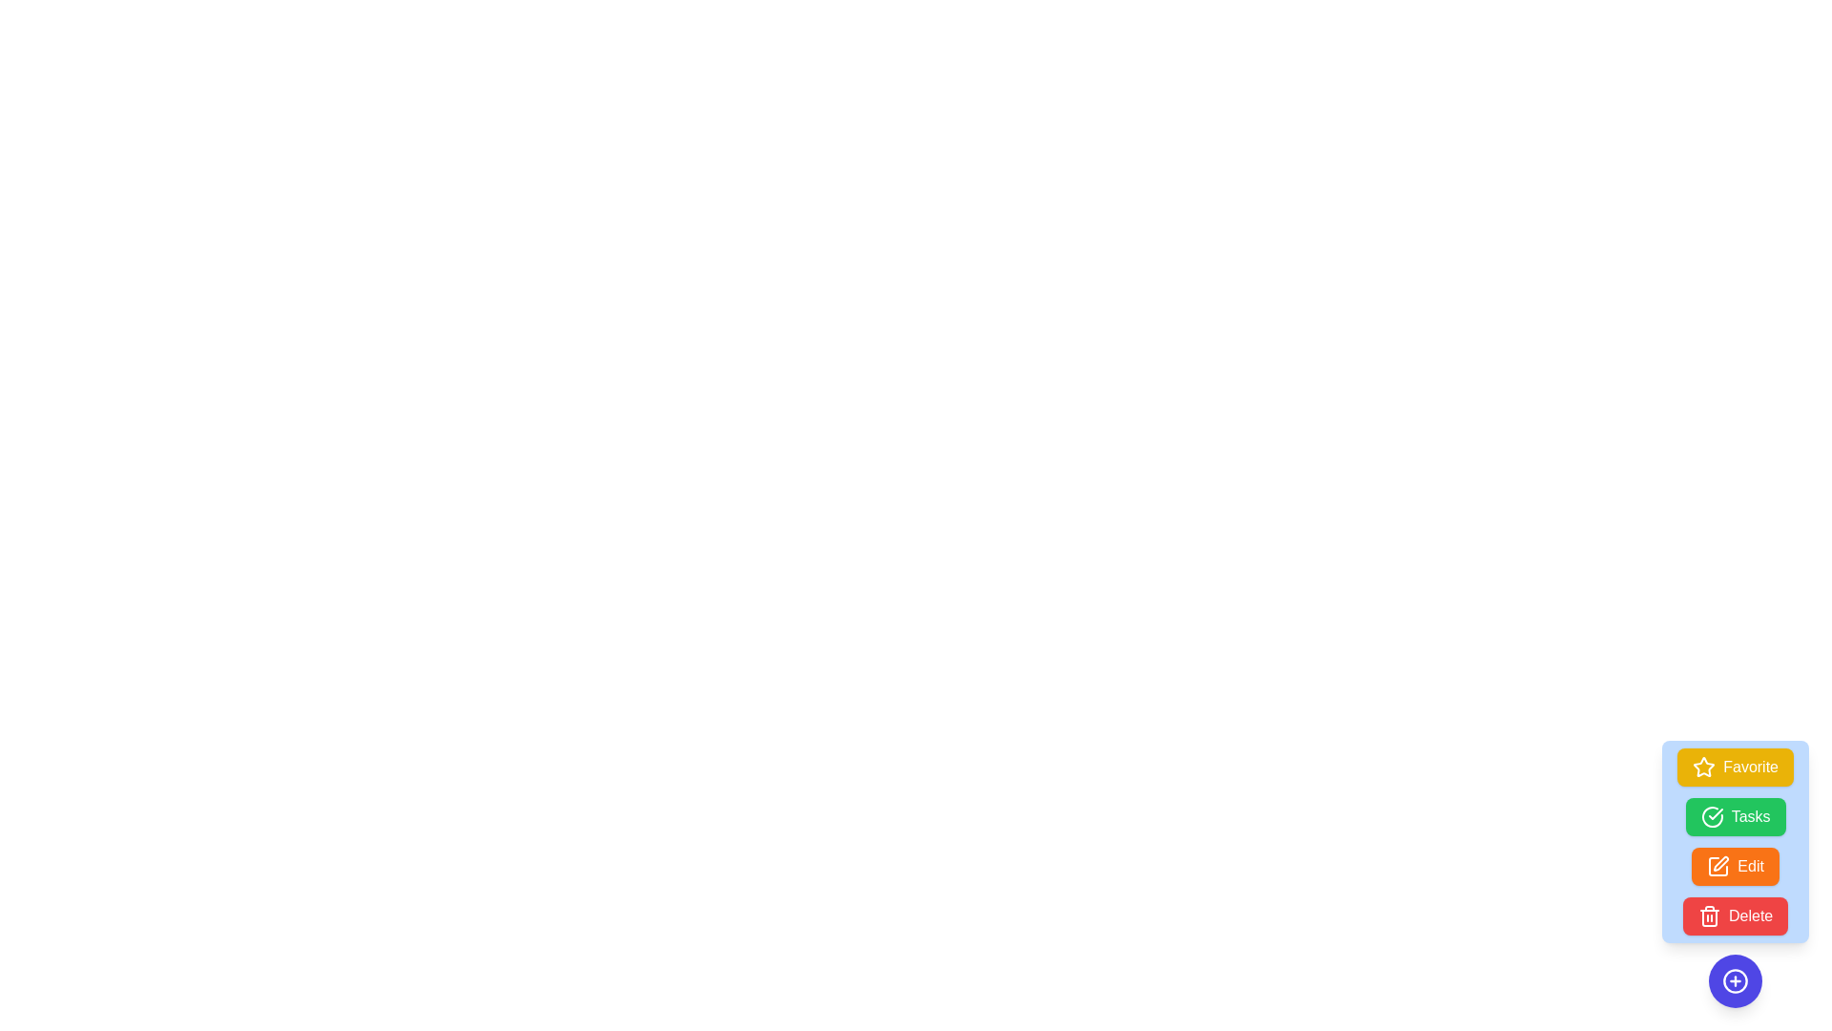 The image size is (1832, 1031). I want to click on the yellow 'Favorite' button with white text and a star icon to observe the brightness effect, so click(1736, 766).